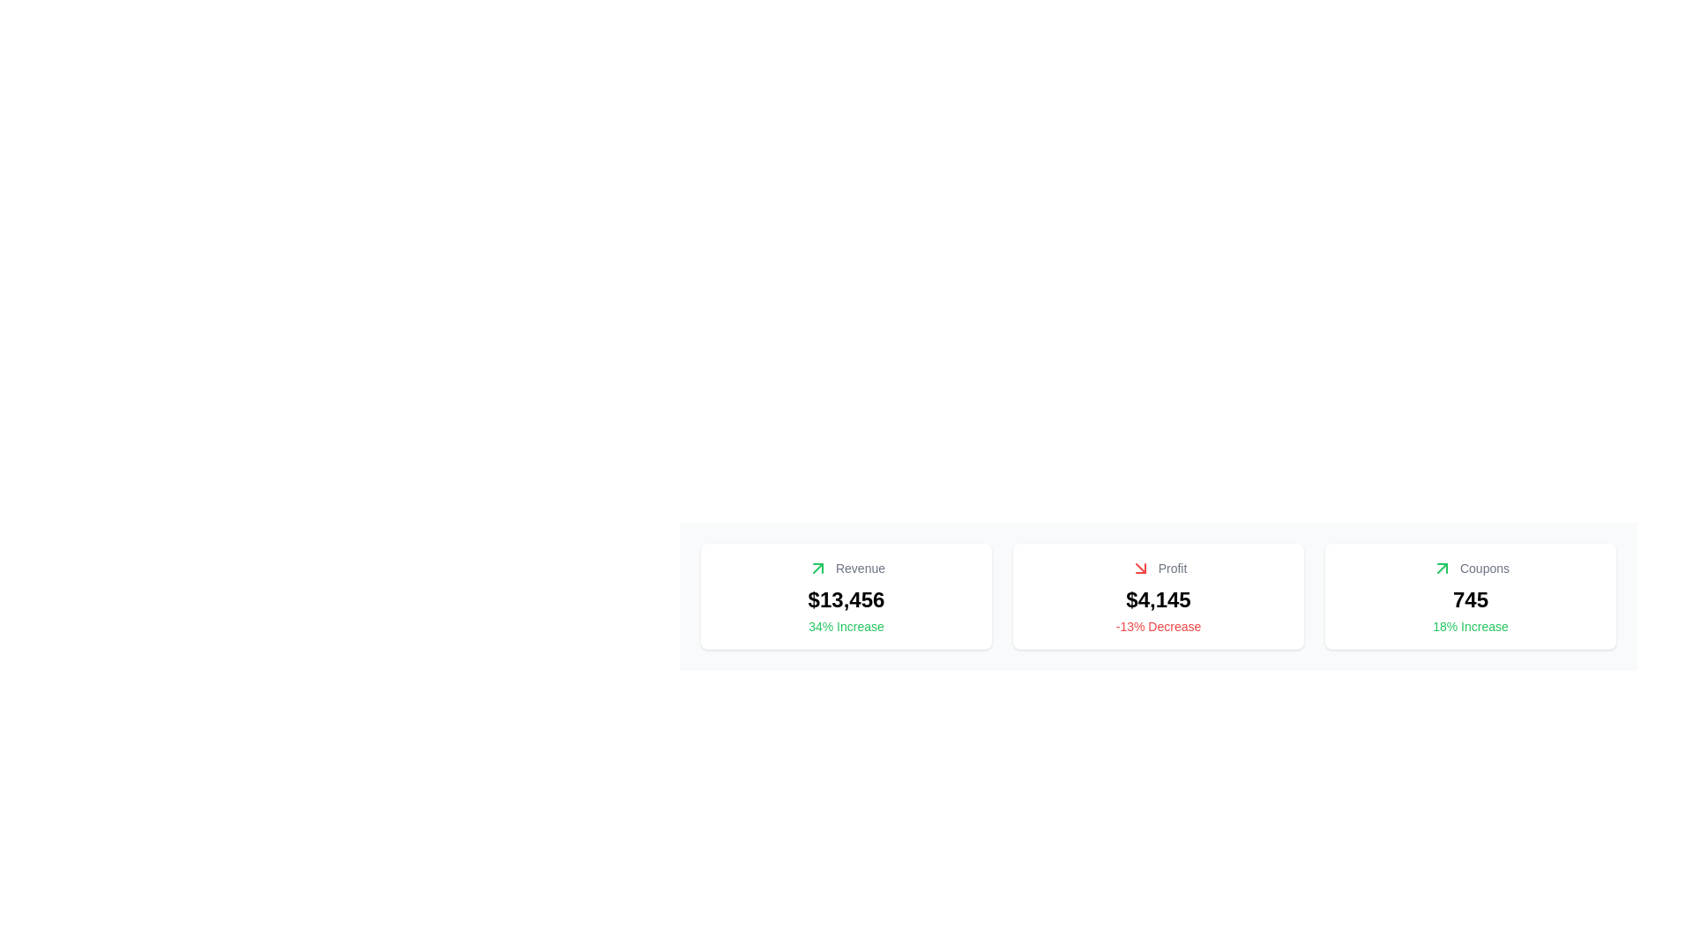 The width and height of the screenshot is (1693, 952). I want to click on the icon that represents an increase or positive trend, which is located to the left of the 'Revenue' text and above the associated metrics, so click(817, 568).